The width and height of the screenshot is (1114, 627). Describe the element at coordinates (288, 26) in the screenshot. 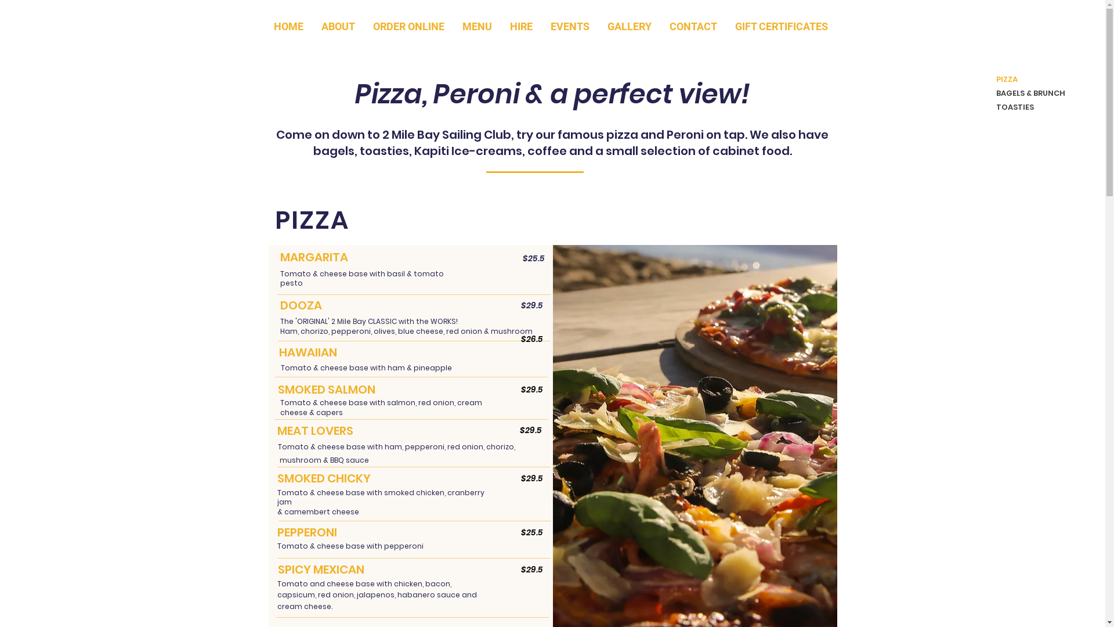

I see `'HOME'` at that location.